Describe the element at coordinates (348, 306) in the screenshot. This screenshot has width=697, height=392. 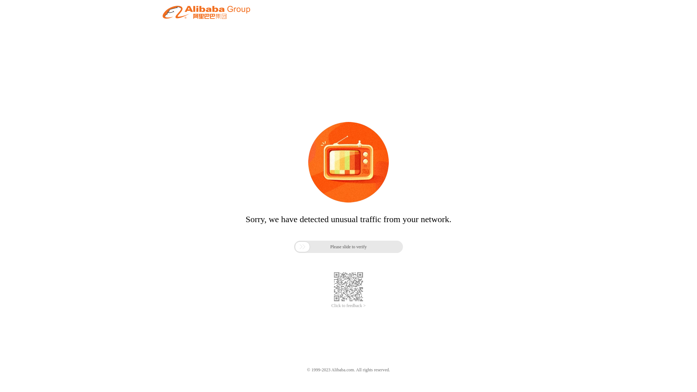
I see `'Click to feedback >'` at that location.